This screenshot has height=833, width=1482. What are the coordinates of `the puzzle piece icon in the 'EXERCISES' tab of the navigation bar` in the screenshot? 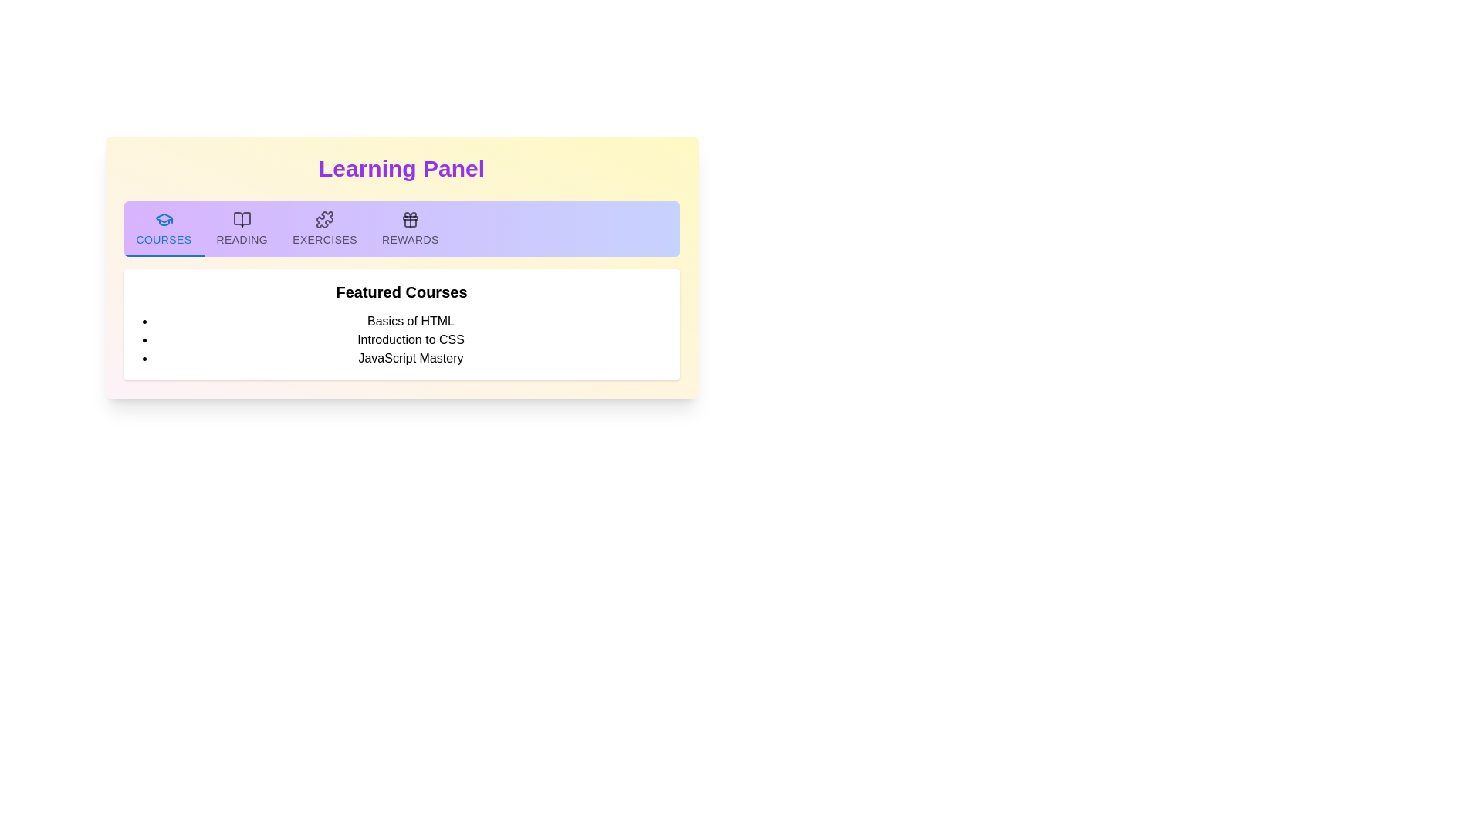 It's located at (324, 220).